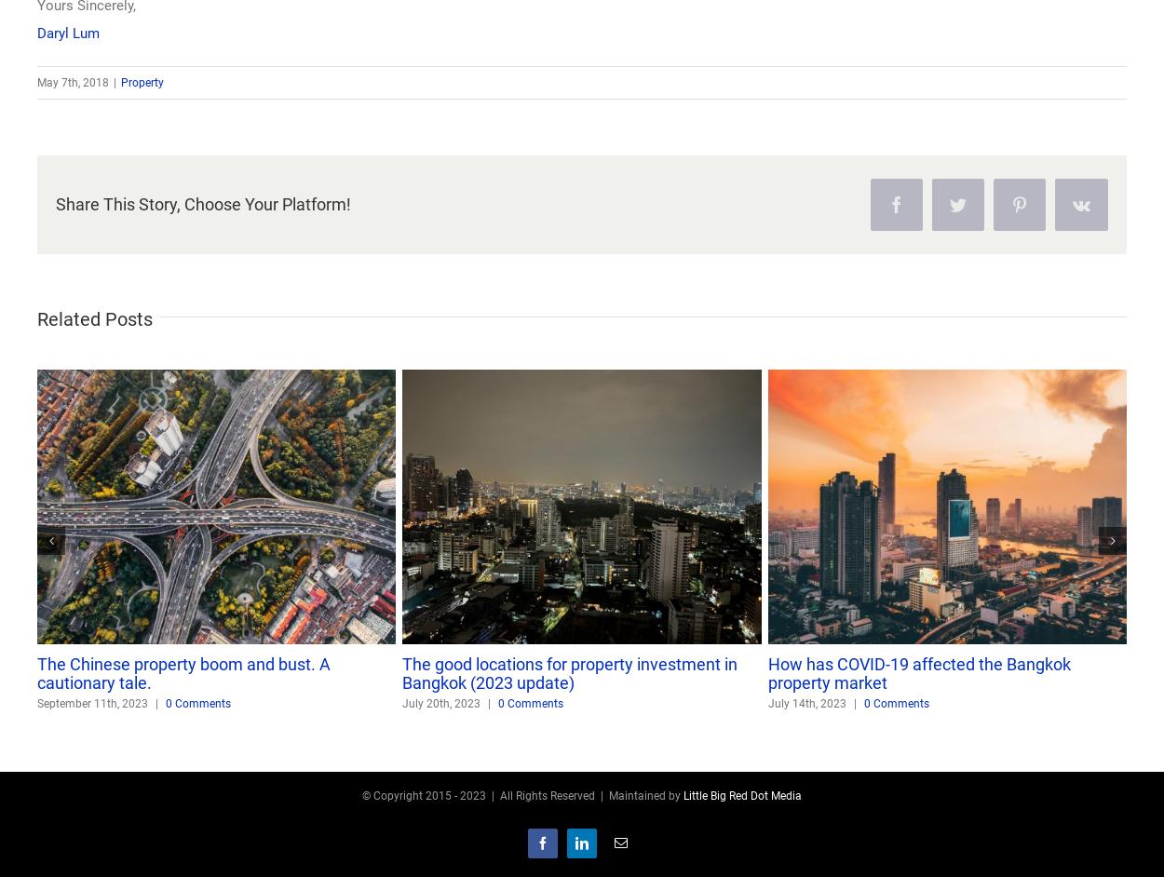 The height and width of the screenshot is (877, 1164). What do you see at coordinates (90, 703) in the screenshot?
I see `'September 11th, 2023'` at bounding box center [90, 703].